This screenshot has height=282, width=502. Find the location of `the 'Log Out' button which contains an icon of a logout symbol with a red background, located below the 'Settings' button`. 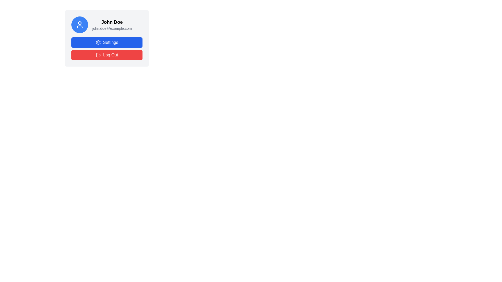

the 'Log Out' button which contains an icon of a logout symbol with a red background, located below the 'Settings' button is located at coordinates (98, 55).